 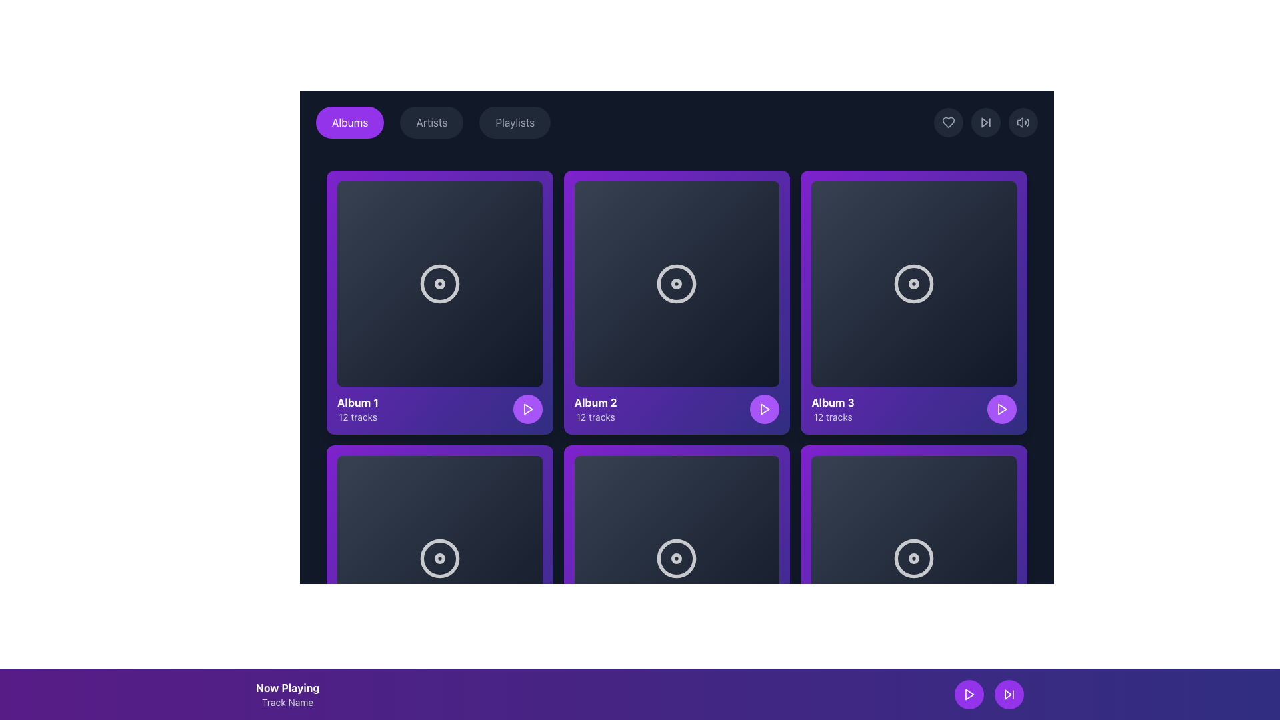 I want to click on the static text label indicating 'Now Playing' located at the bottom center of the interface, so click(x=287, y=688).